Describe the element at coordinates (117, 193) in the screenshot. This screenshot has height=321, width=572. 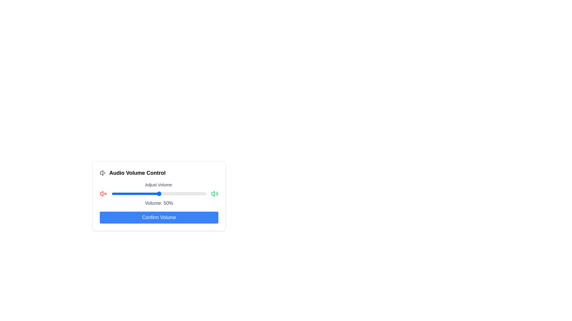
I see `the volume slider to 6%` at that location.